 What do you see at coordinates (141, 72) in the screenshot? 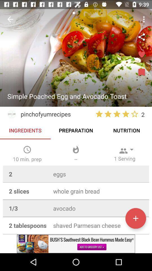
I see `the bookmark icon` at bounding box center [141, 72].